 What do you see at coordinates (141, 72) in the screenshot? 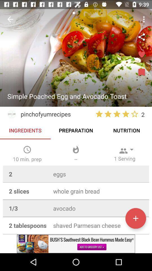
I see `the bookmark icon` at bounding box center [141, 72].